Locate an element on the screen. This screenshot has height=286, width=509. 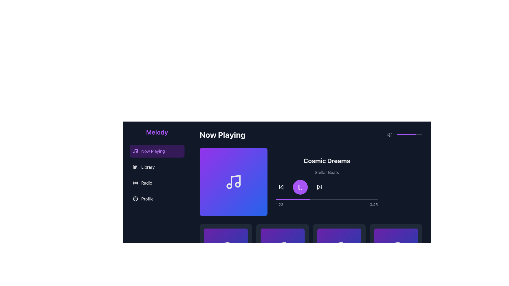
media playback is located at coordinates (367, 199).